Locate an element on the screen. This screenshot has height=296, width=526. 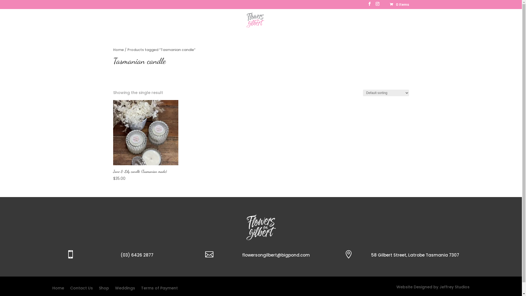
'Home' is located at coordinates (199, 24).